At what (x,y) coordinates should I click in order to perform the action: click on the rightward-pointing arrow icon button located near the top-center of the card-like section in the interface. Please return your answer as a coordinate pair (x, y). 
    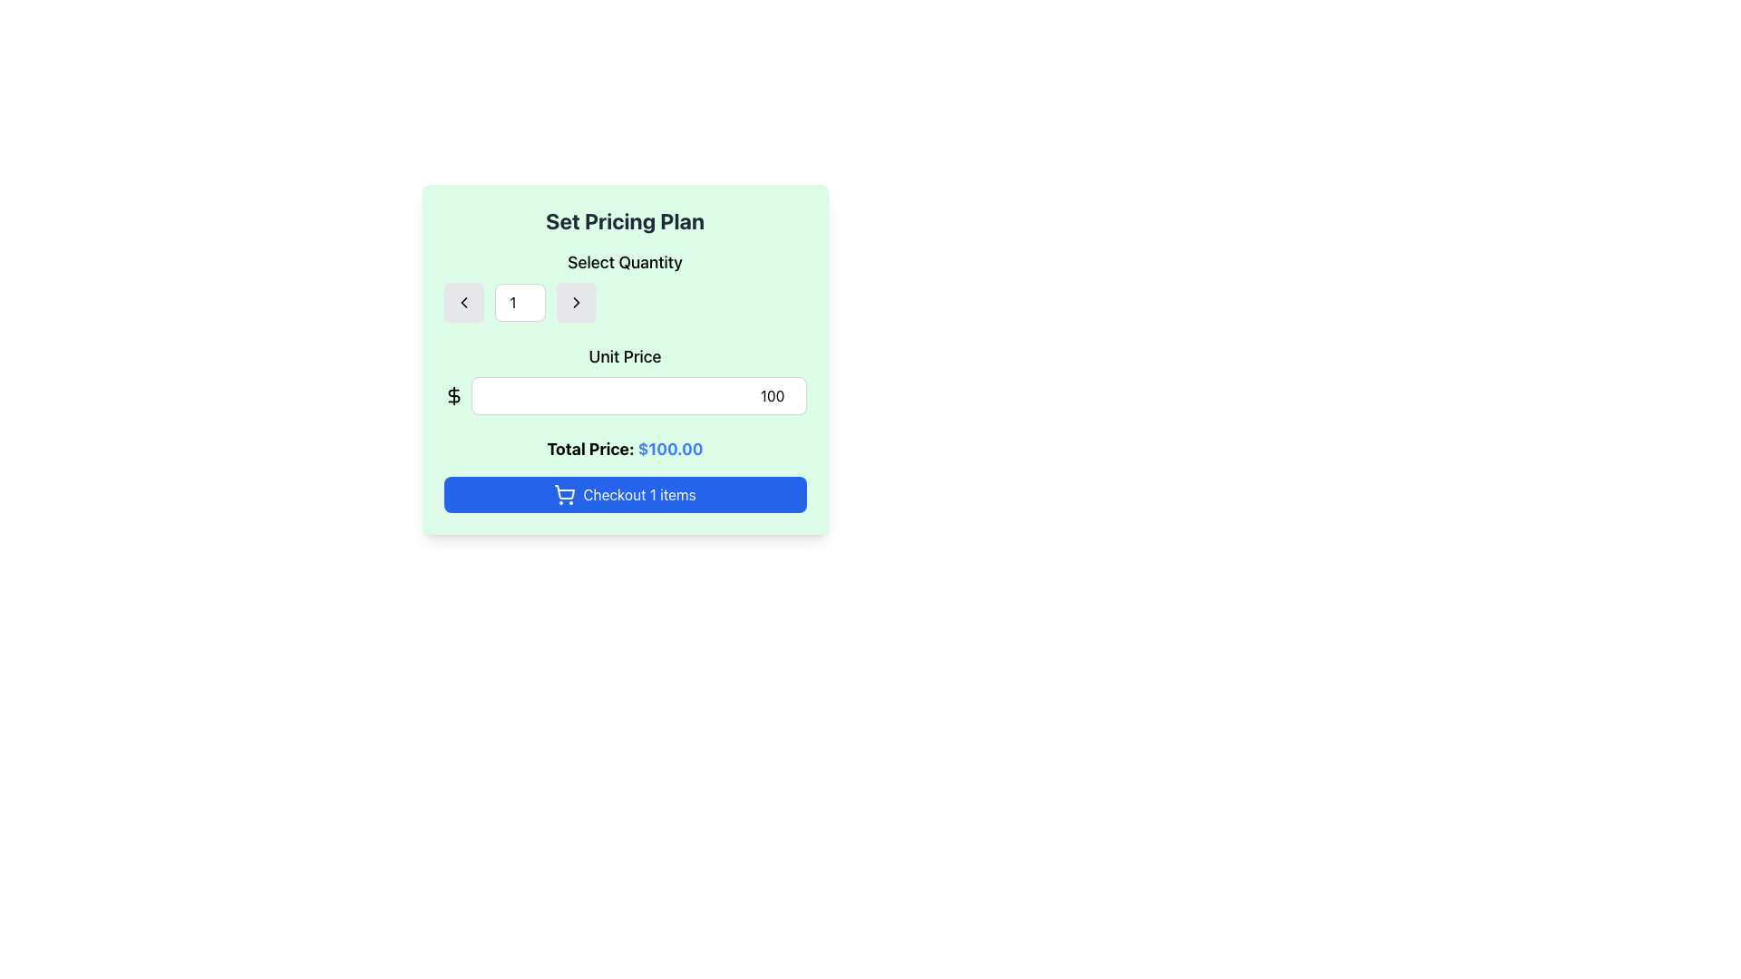
    Looking at the image, I should click on (575, 302).